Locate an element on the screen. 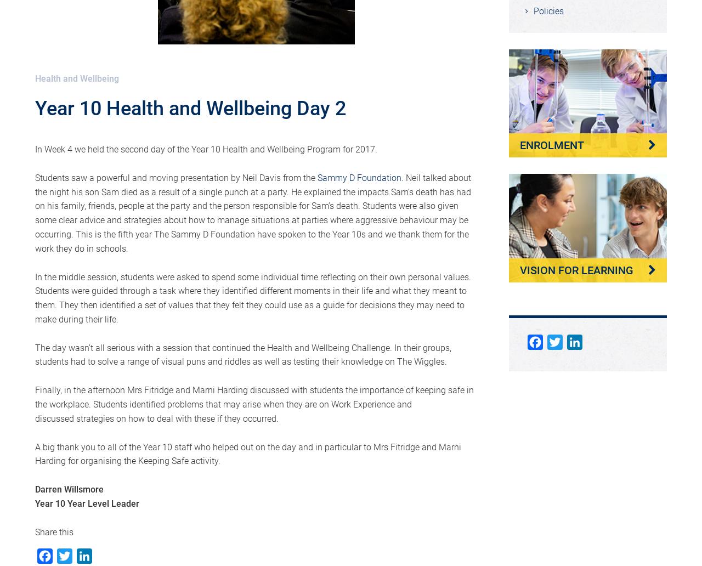  'The day wasn’t all serious with a session that continued the Health and Wellbeing Challenge. In their groups, students had to solve a range of visual puns and riddles as well as testing their knowledge on The Wiggles.' is located at coordinates (242, 354).